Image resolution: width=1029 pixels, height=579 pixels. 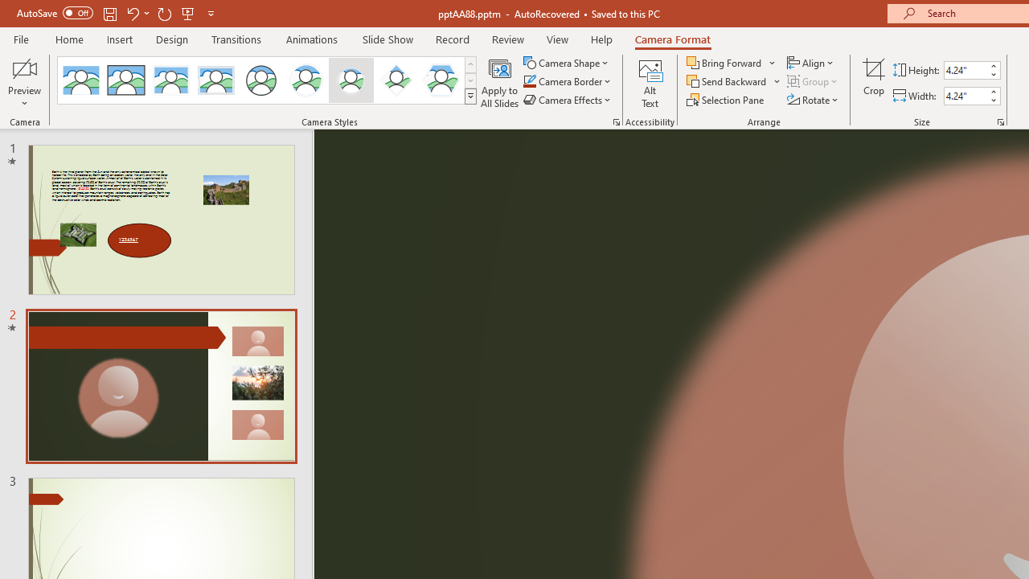 I want to click on 'Camera Shape', so click(x=567, y=62).